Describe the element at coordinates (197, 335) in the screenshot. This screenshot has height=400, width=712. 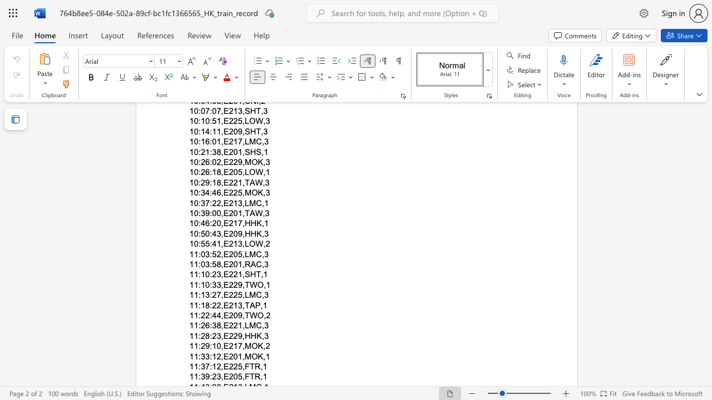
I see `the space between the continuous character "1" and ":" in the text` at that location.